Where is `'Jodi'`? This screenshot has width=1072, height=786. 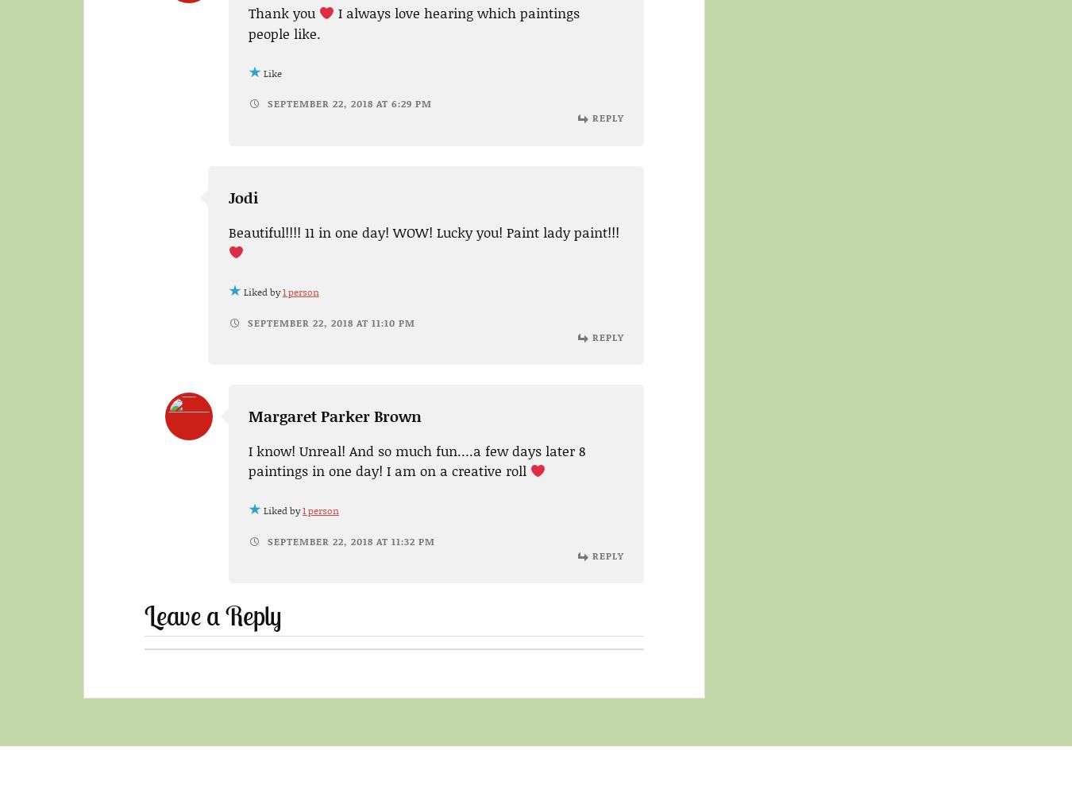
'Jodi' is located at coordinates (227, 196).